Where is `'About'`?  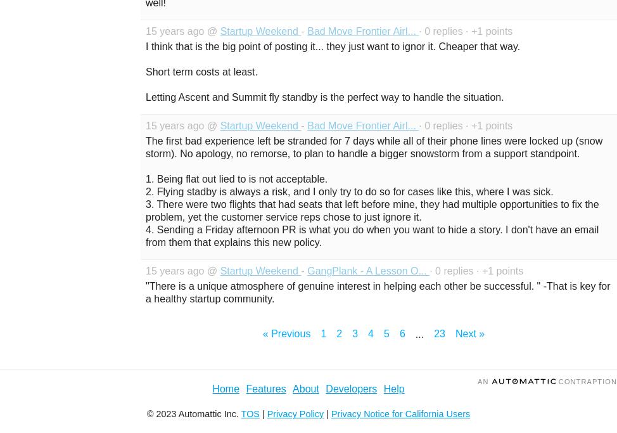 'About' is located at coordinates (305, 389).